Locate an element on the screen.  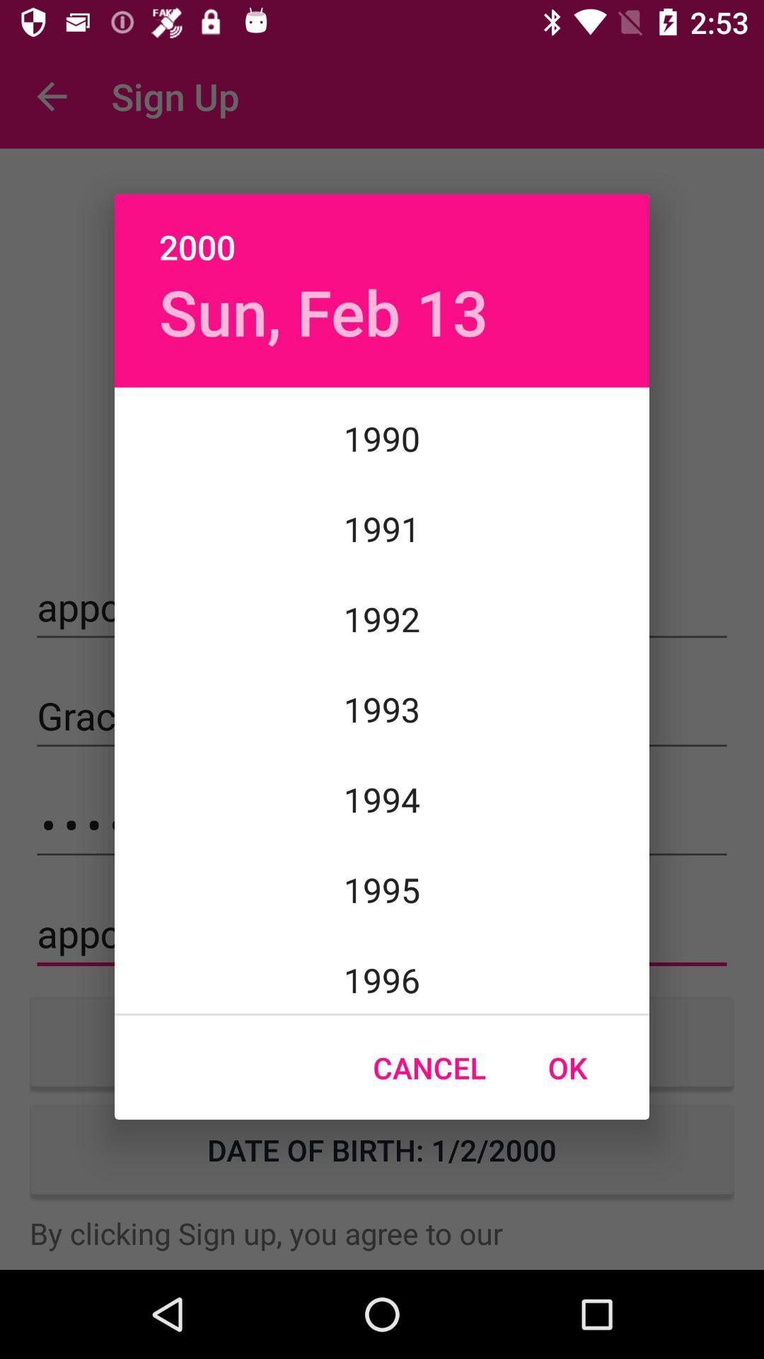
item at the bottom right corner is located at coordinates (567, 1067).